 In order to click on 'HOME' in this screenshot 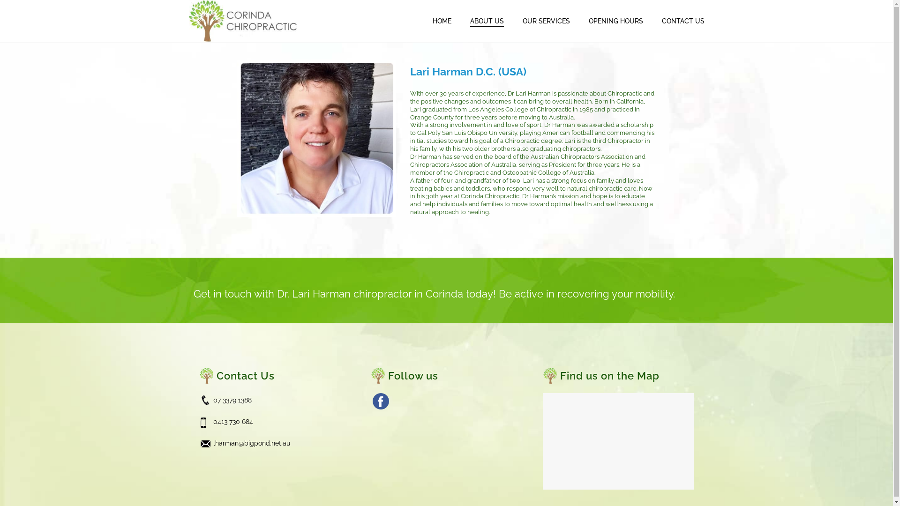, I will do `click(441, 21)`.